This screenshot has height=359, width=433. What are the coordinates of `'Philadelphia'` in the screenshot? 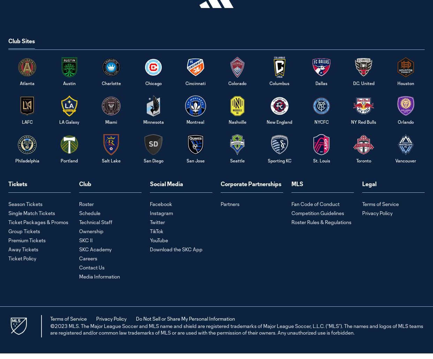 It's located at (27, 160).